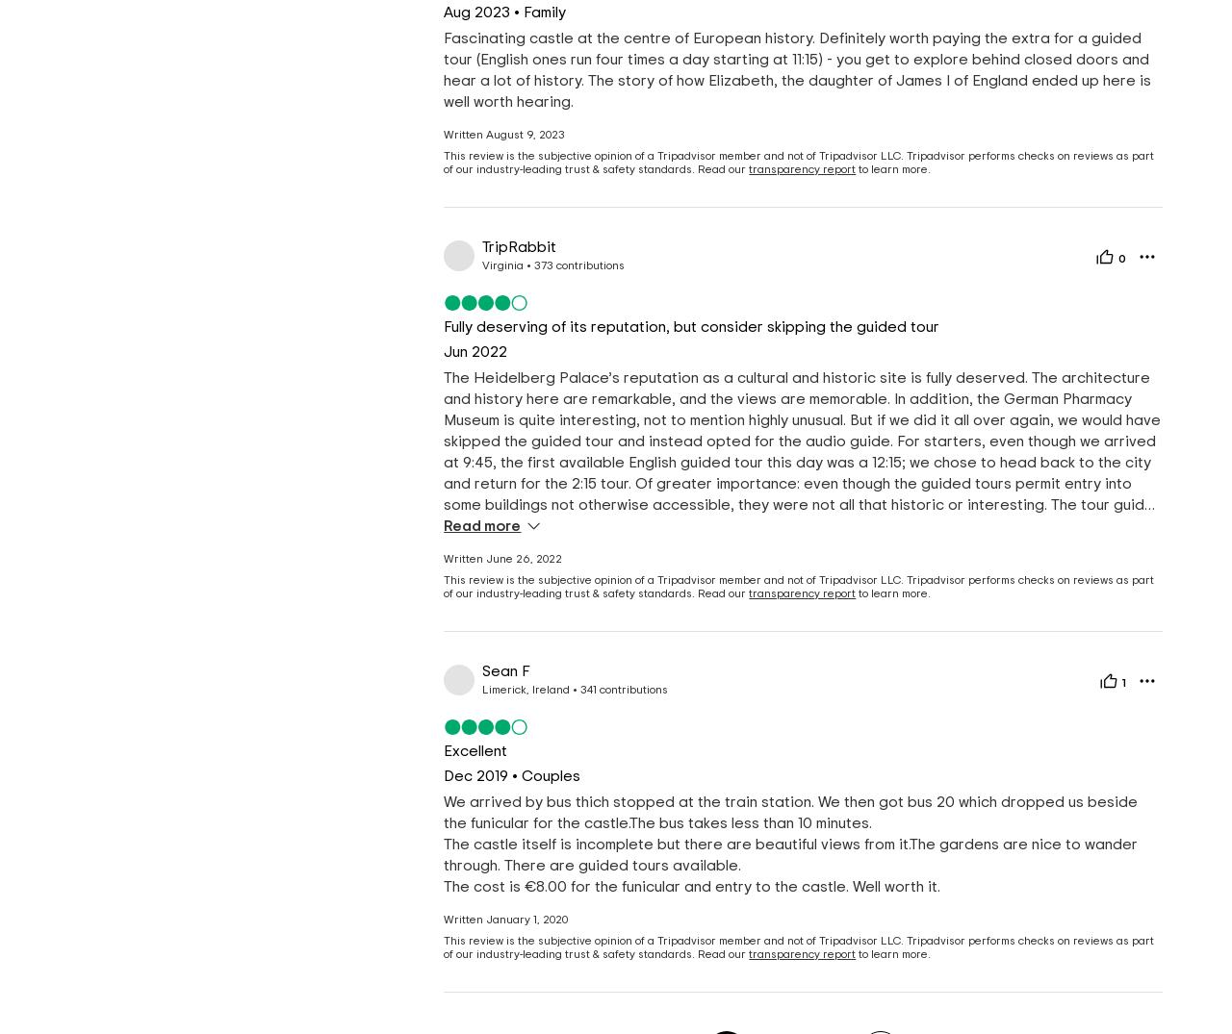  Describe the element at coordinates (802, 472) in the screenshot. I see `'The Heidelberg Palace’s reputation as a cultural and historic site is fully deserved. The architecture and history here are remarkable, and the views are memorable. In addition, the German Pharmacy Museum is quite interesting, not to mention highly unusual. But if we did it all over again, we would have skipped the guided tour and instead opted for the audio guide. For starters, even though we arrived at 9:45, the first available English guided tour this day was a 12:15; we chose to head back to the city and return for the 2:15 tour. Of greater importance: even though the guided tours permit entry into some buildings not otherwise accessible, they were not all that historic or interesting.  The tour guide was exceptionally knowledgeable about all matters historical, and if you are into the many intricate details covering centuries of kings and conflict, the guided tour may be for you. As for me, I’ll go with the audio guide if I return for a second visit.'` at that location.